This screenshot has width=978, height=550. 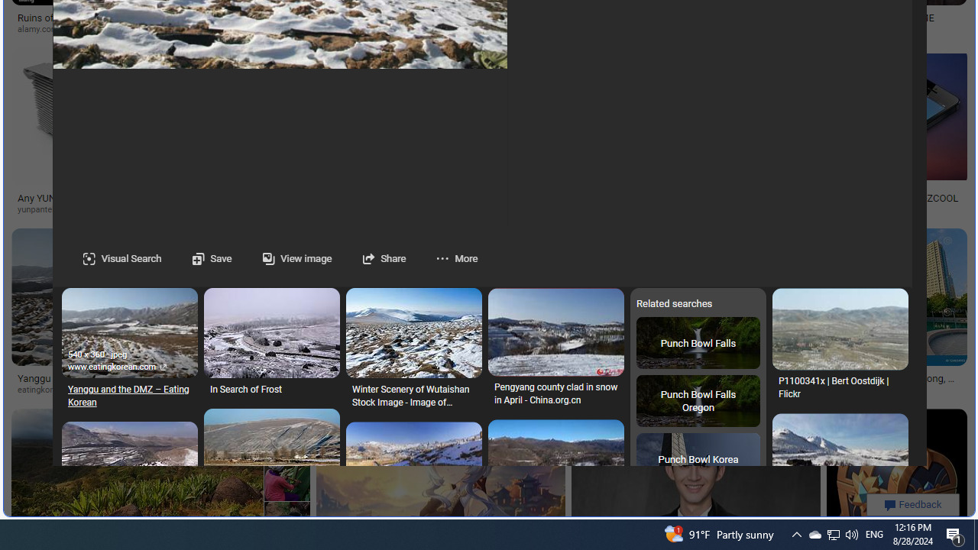 I want to click on 'Visual Search', so click(x=122, y=257).